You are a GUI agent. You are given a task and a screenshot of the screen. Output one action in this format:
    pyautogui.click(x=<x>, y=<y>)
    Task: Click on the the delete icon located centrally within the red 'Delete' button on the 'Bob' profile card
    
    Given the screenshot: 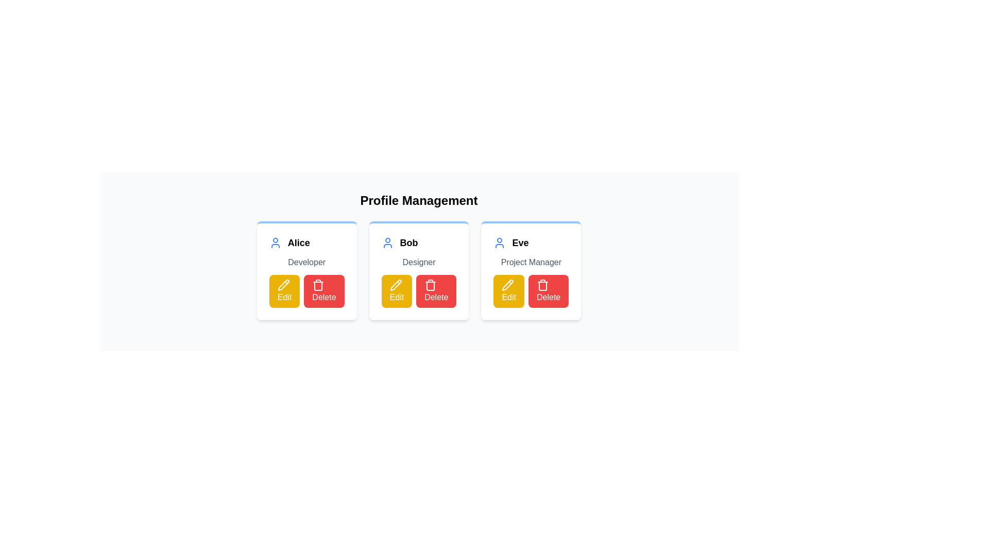 What is the action you would take?
    pyautogui.click(x=431, y=285)
    